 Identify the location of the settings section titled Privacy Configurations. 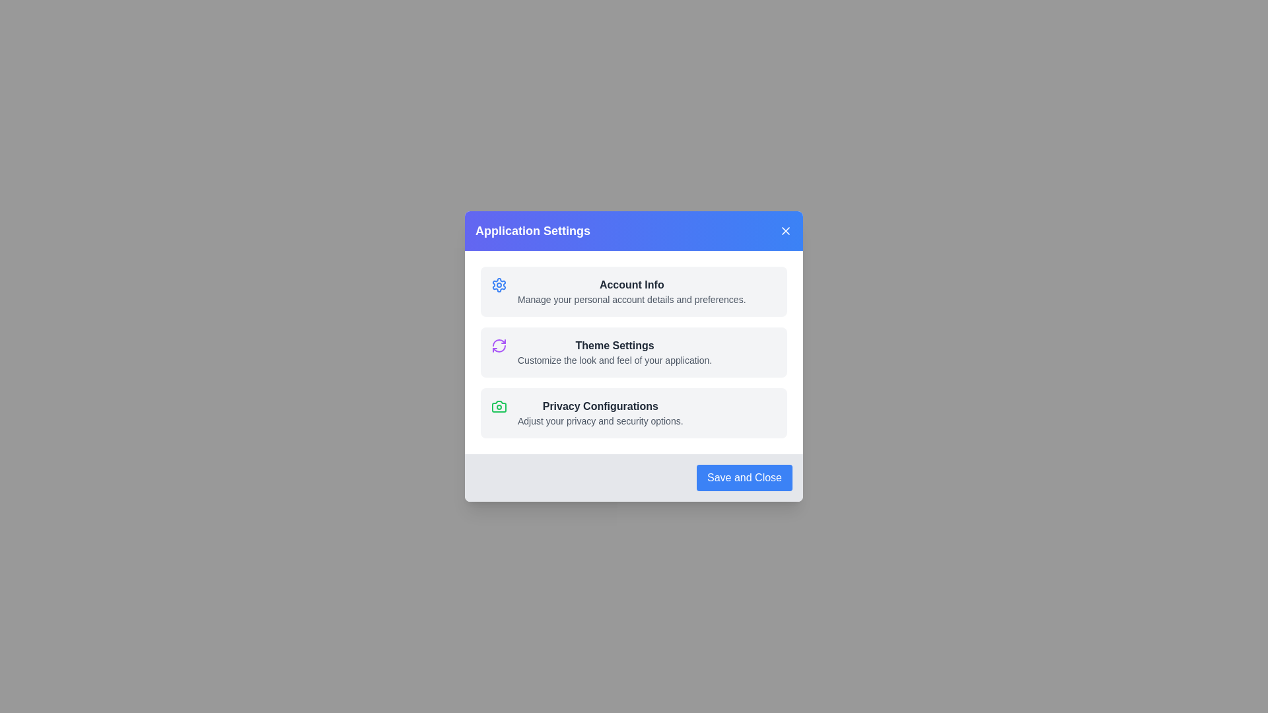
(634, 412).